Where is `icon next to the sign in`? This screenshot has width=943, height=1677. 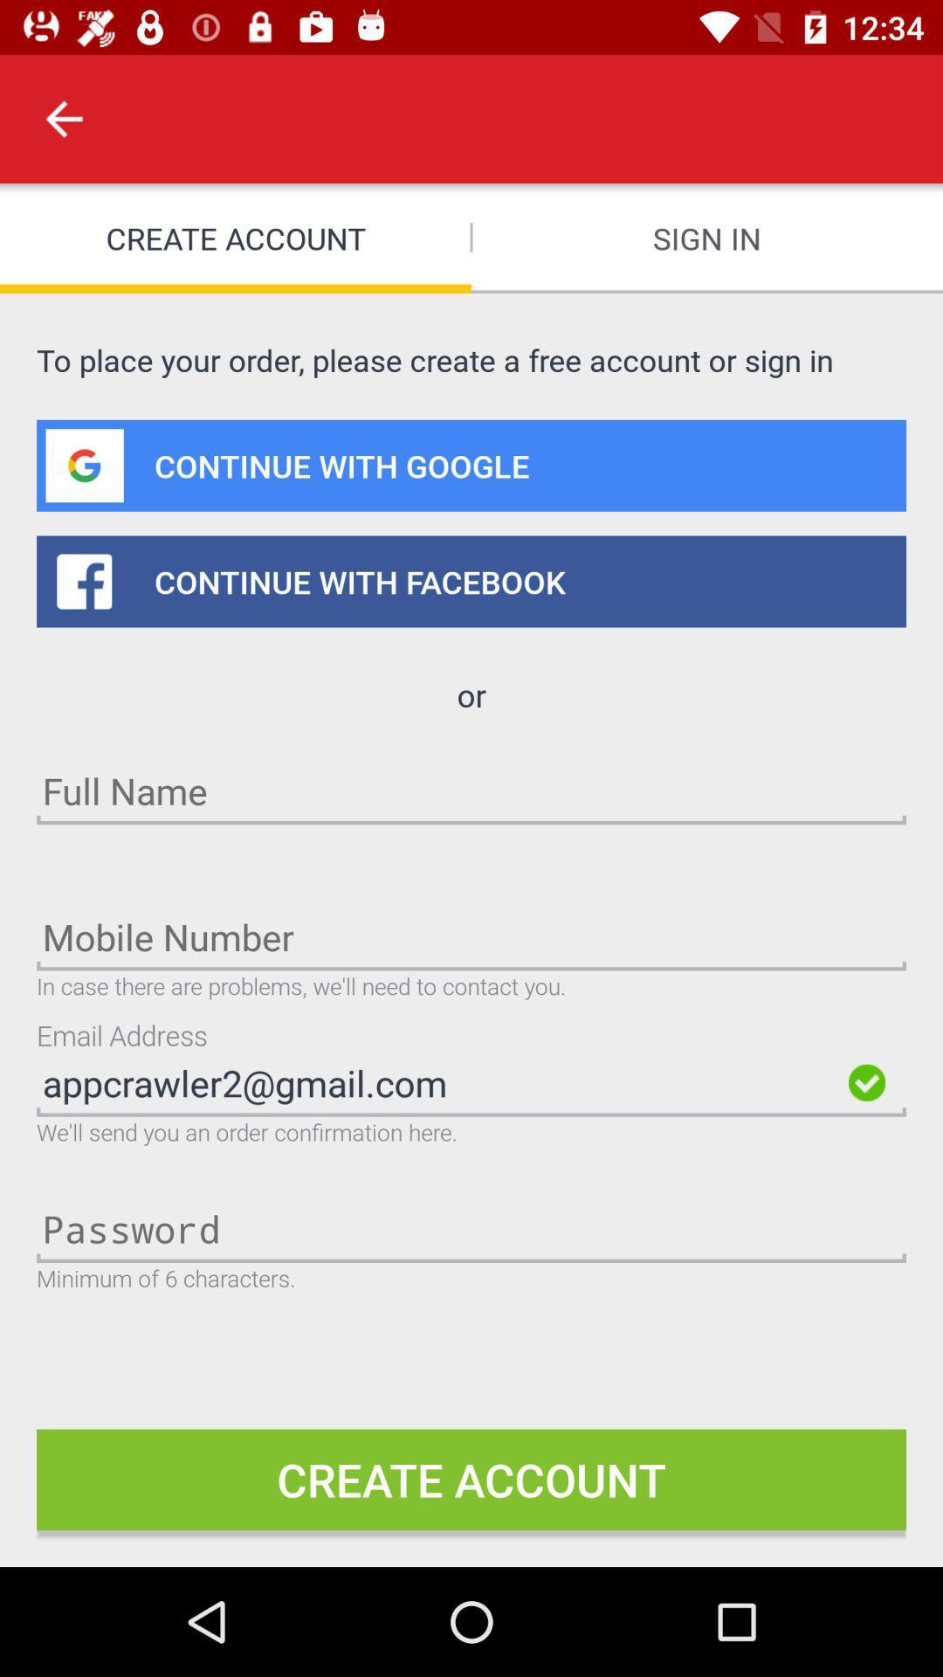 icon next to the sign in is located at coordinates (63, 118).